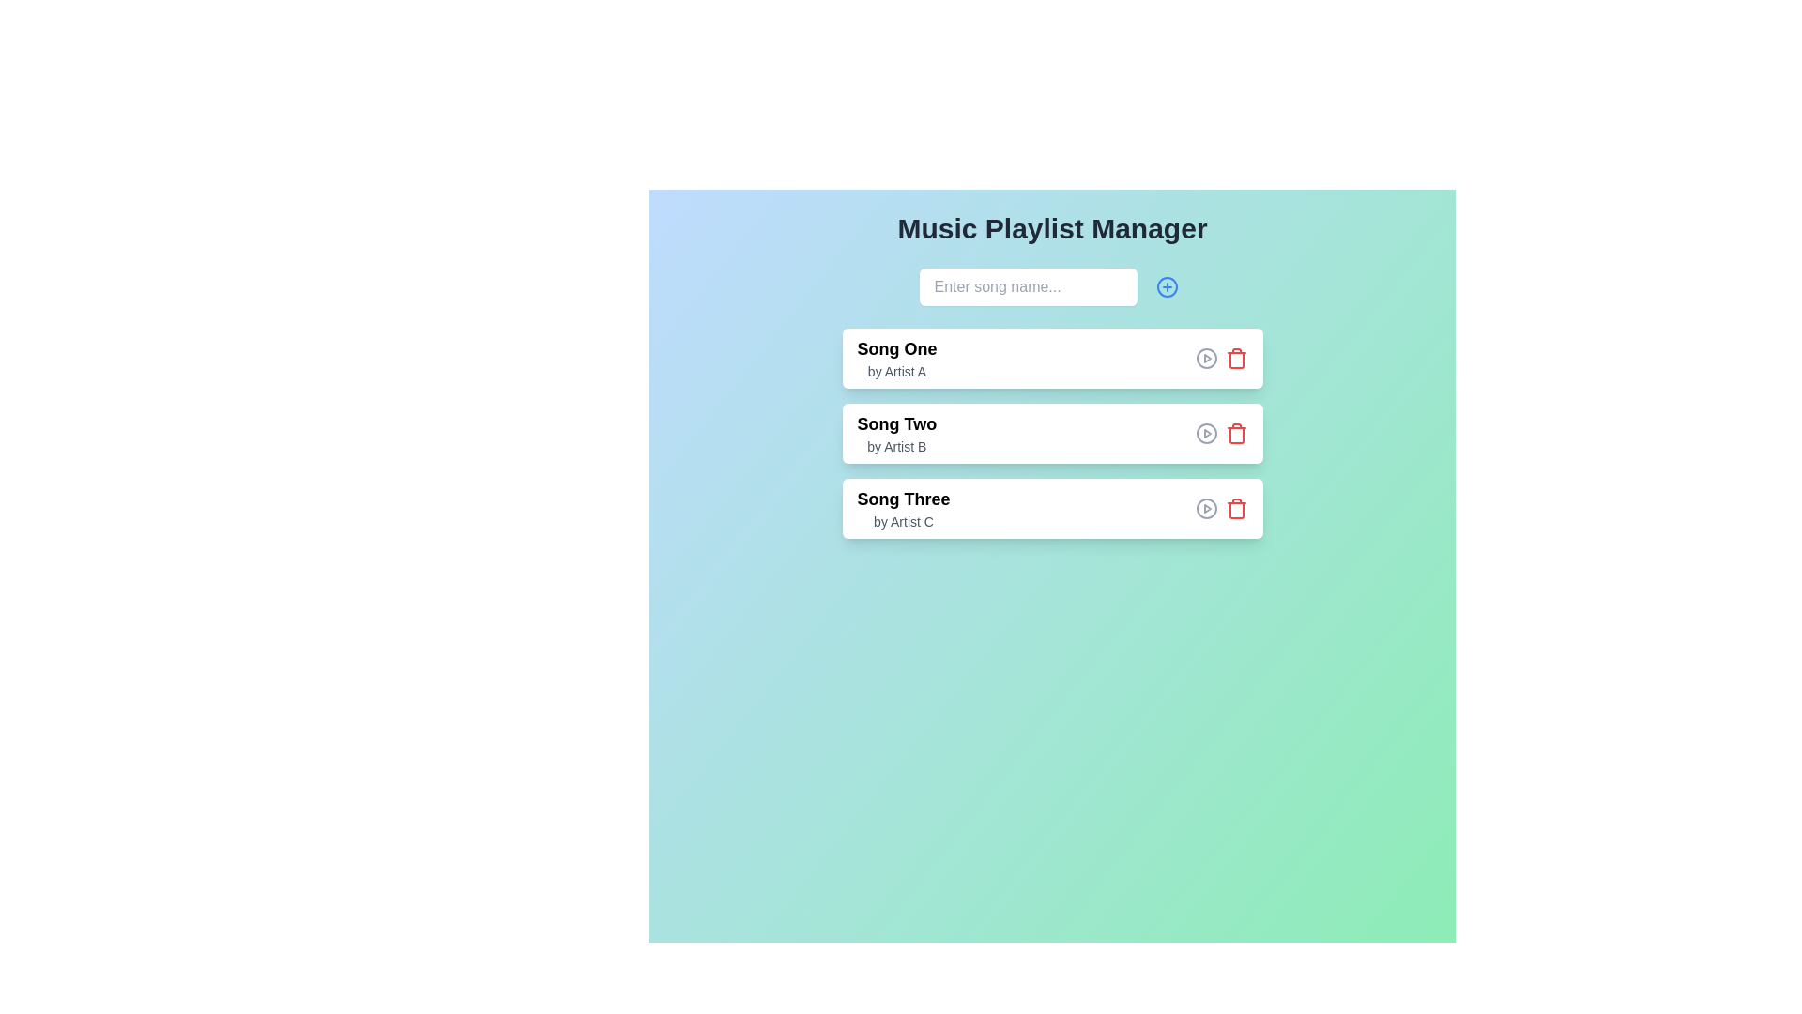 This screenshot has height=1014, width=1802. I want to click on the circular gray play button icon with a triangular play symbol to play the song in the 'Song Two' entry of the playlist, so click(1206, 434).